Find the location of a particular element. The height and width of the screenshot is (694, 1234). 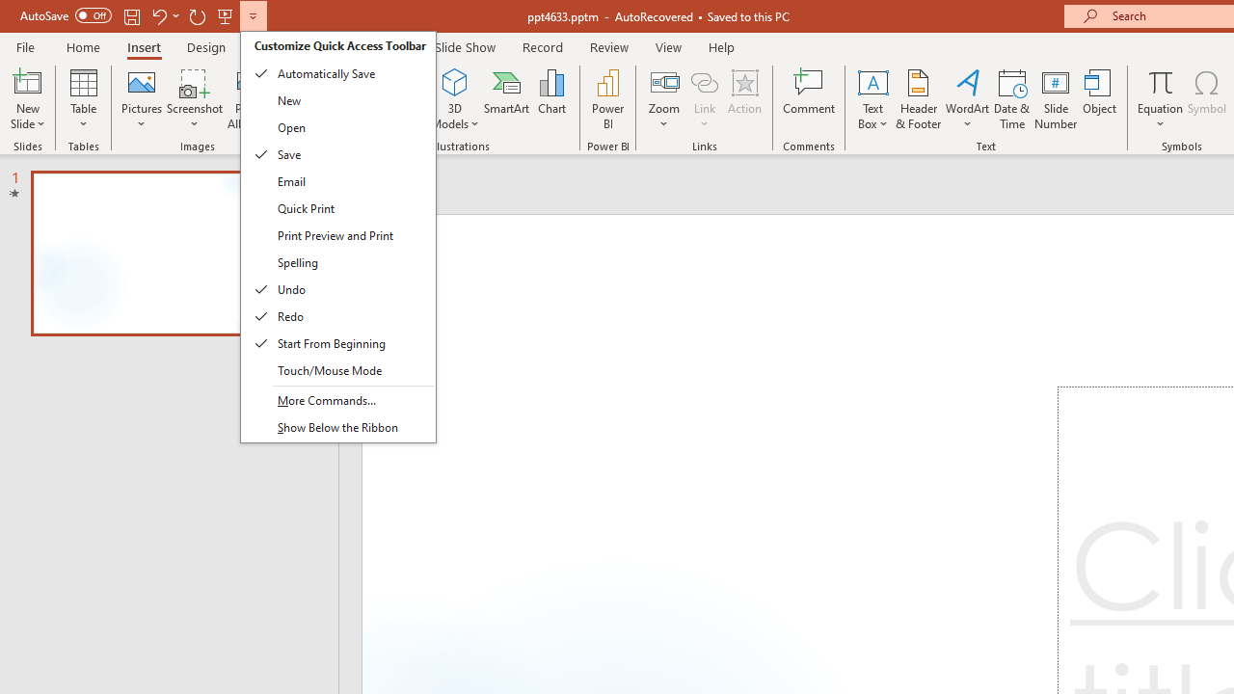

'Screenshot' is located at coordinates (195, 99).